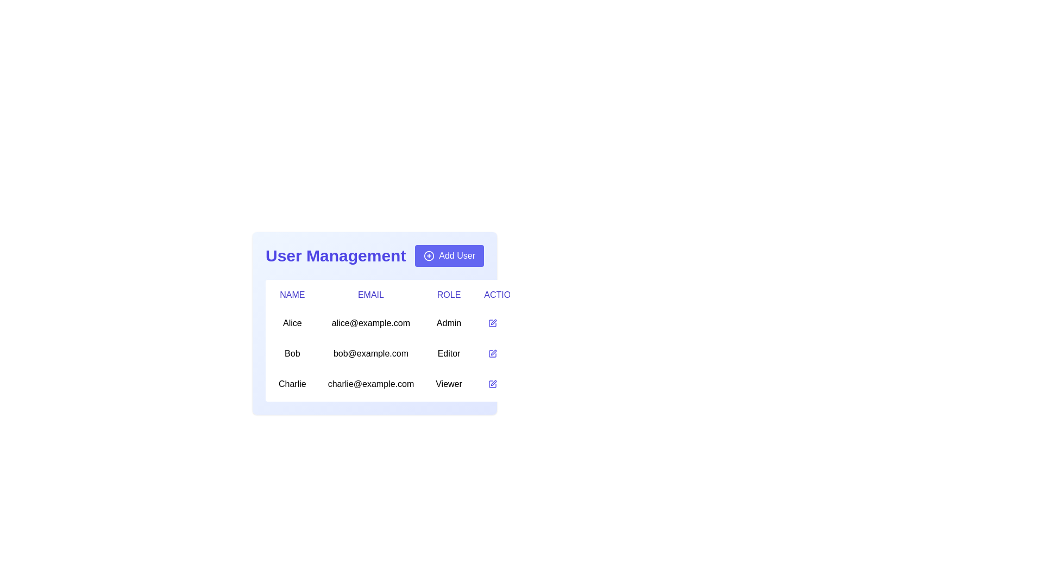 The image size is (1043, 587). What do you see at coordinates (513, 322) in the screenshot?
I see `the vibrant red trash bin icon located` at bounding box center [513, 322].